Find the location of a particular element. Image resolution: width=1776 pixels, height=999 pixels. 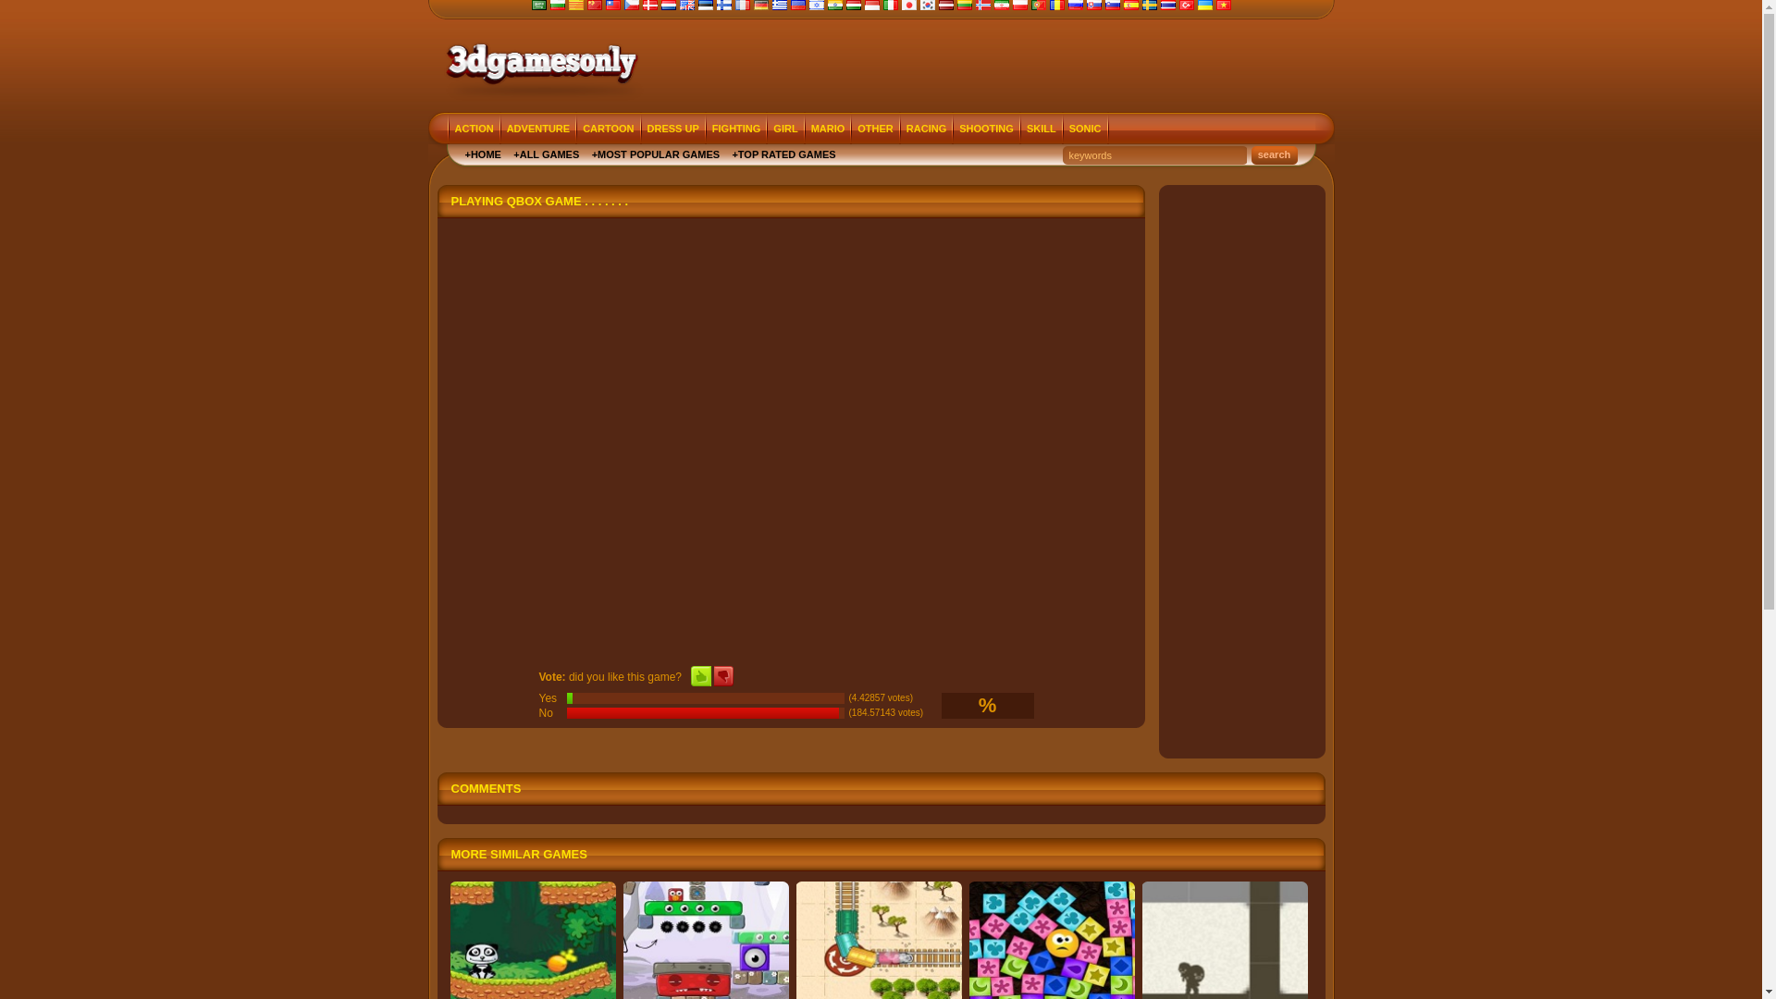

'Yes' is located at coordinates (700, 676).